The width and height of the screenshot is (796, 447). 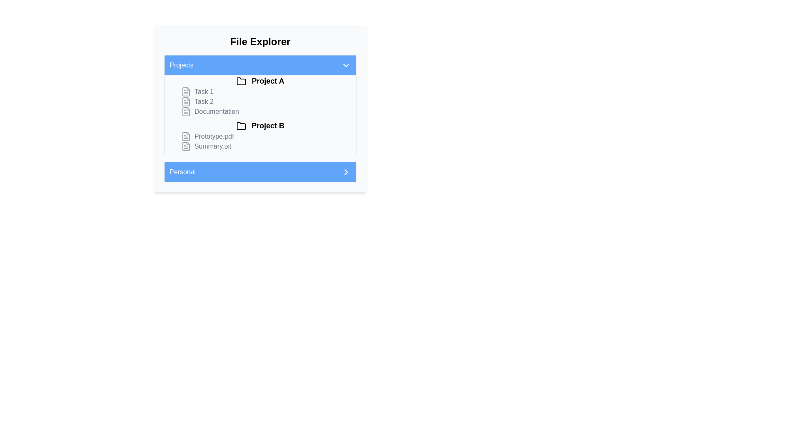 What do you see at coordinates (346, 65) in the screenshot?
I see `the Chevron toggle icon located to the far right side of the 'Projects' header section` at bounding box center [346, 65].